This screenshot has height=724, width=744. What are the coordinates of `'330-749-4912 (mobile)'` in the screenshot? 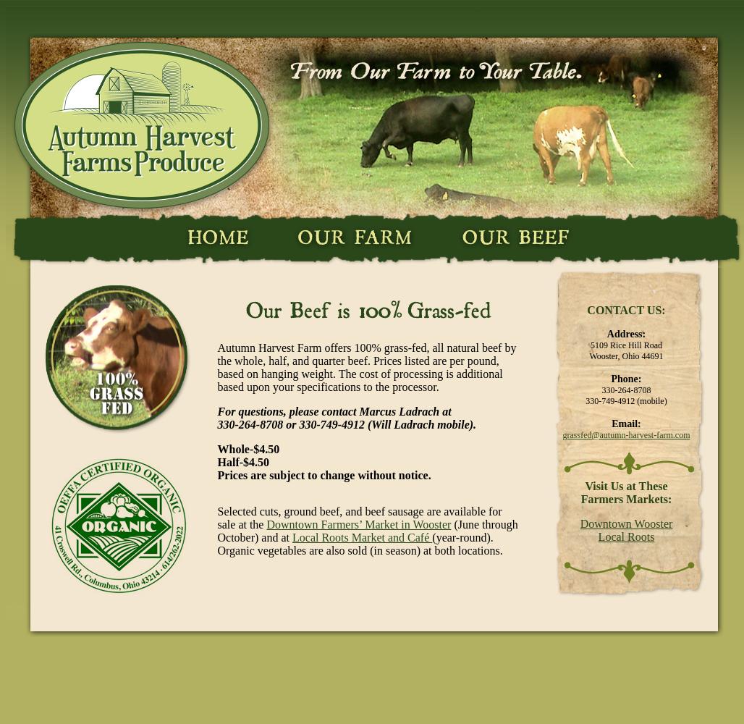 It's located at (625, 401).